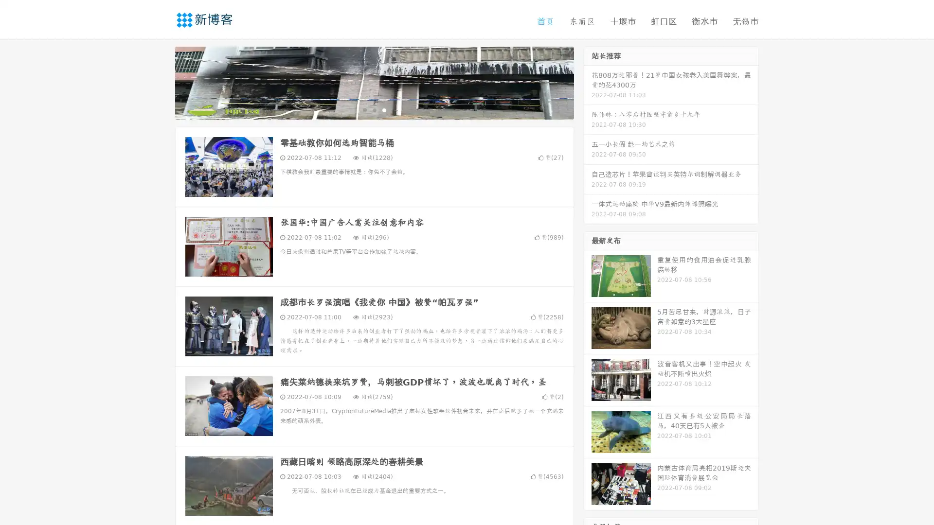 The height and width of the screenshot is (525, 934). Describe the element at coordinates (161, 82) in the screenshot. I see `Previous slide` at that location.